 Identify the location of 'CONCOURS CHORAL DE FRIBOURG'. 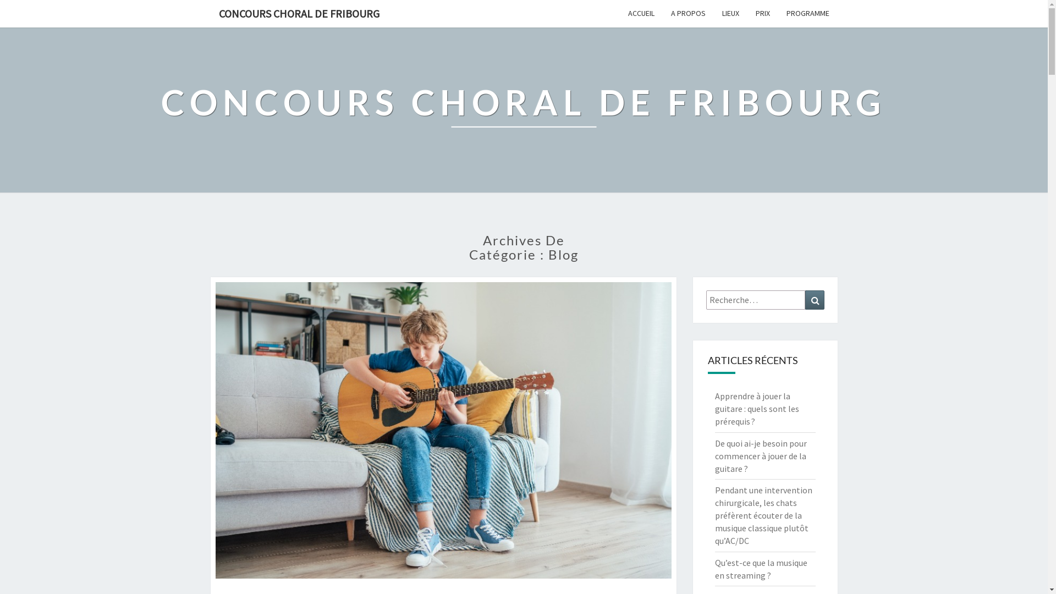
(298, 13).